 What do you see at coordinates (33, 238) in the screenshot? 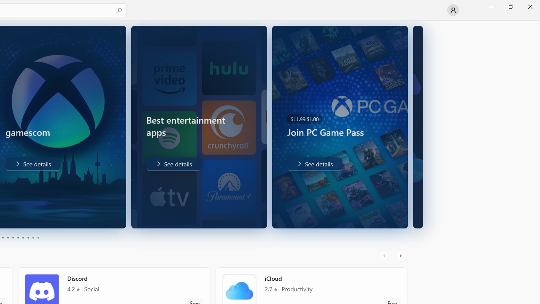
I see `'Page 9'` at bounding box center [33, 238].